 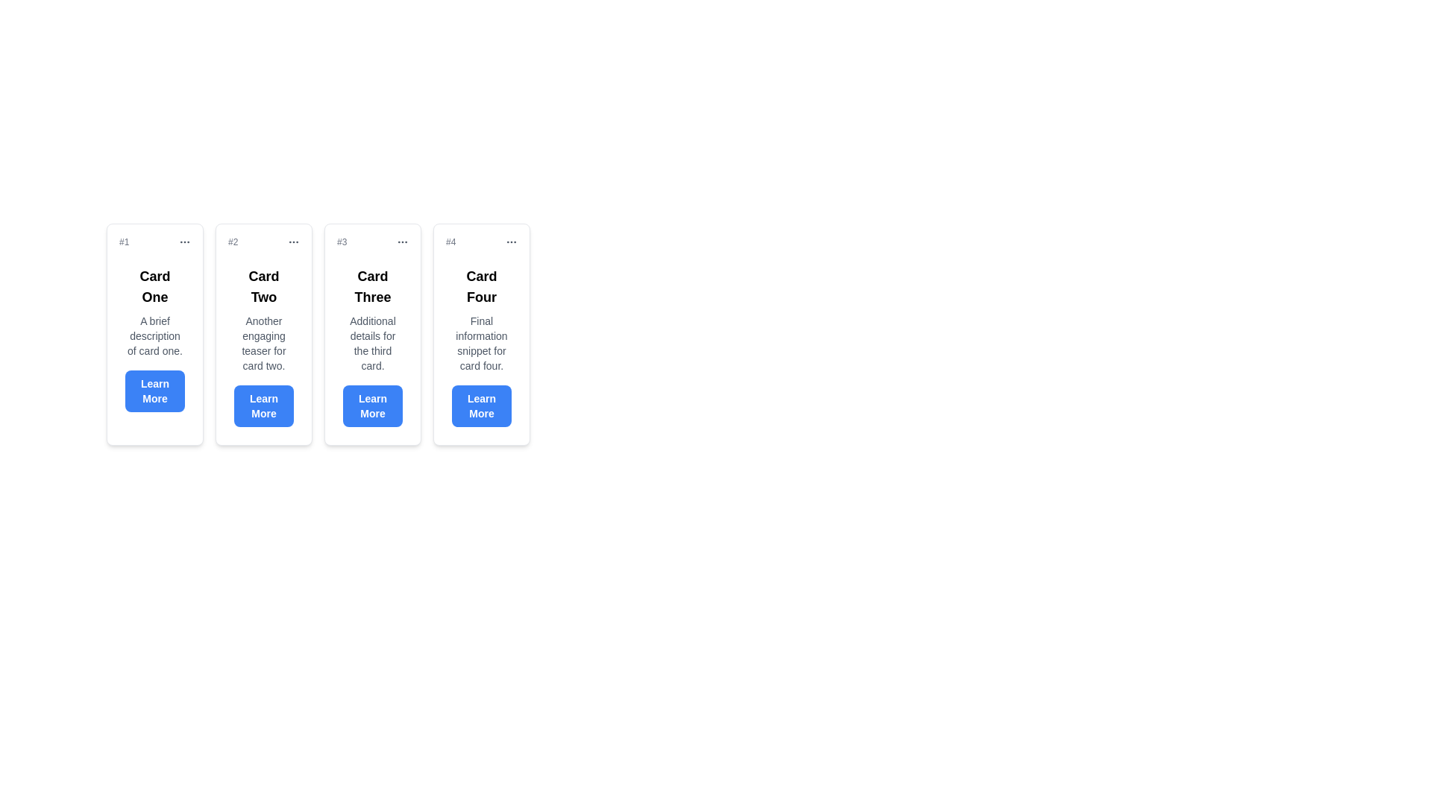 I want to click on the text element reading '#3' located in the top-left corner of 'Card Three', so click(x=341, y=241).